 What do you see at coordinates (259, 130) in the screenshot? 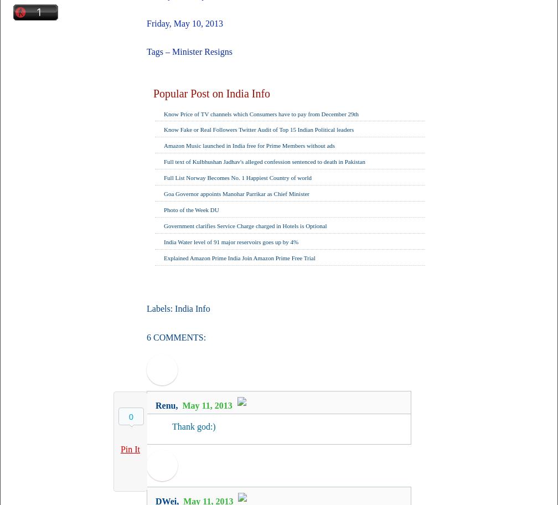
I see `'Know Fake or Real Followers Twitter Audit of Top 15 Indian Political leaders'` at bounding box center [259, 130].